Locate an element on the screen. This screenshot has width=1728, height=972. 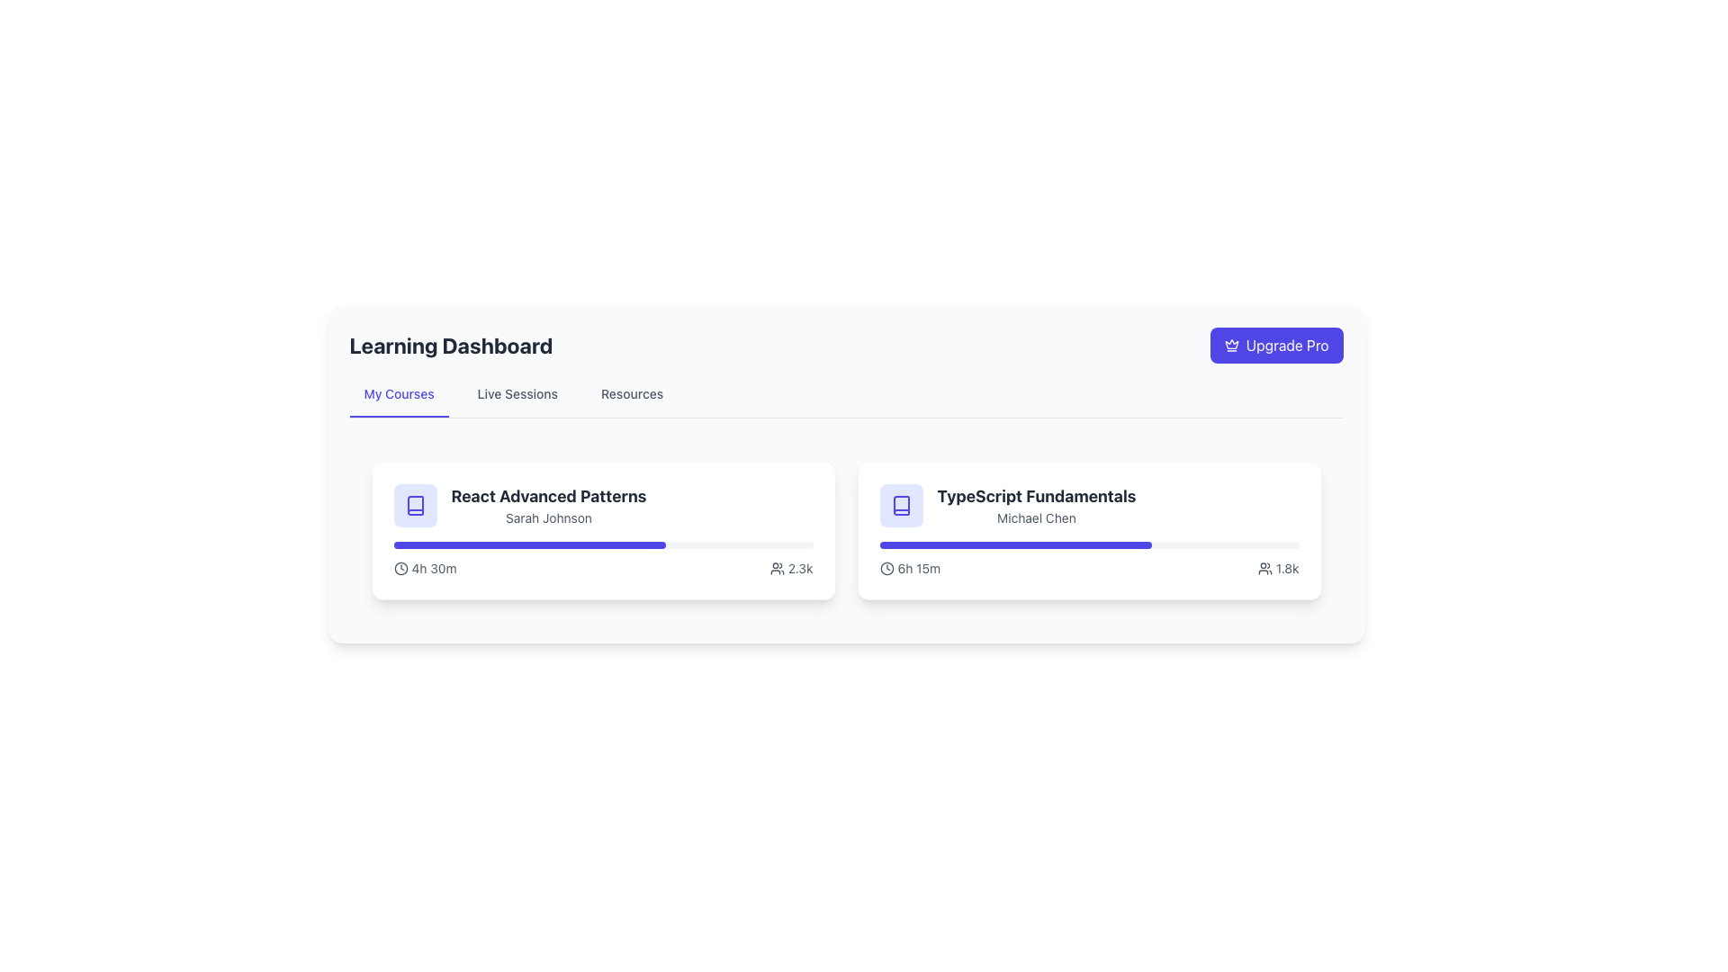
the text content of the label indicating the author or creator of the course 'TypeScript Fundamentals', positioned below the course title within the right content card on the dashboard is located at coordinates (1037, 517).